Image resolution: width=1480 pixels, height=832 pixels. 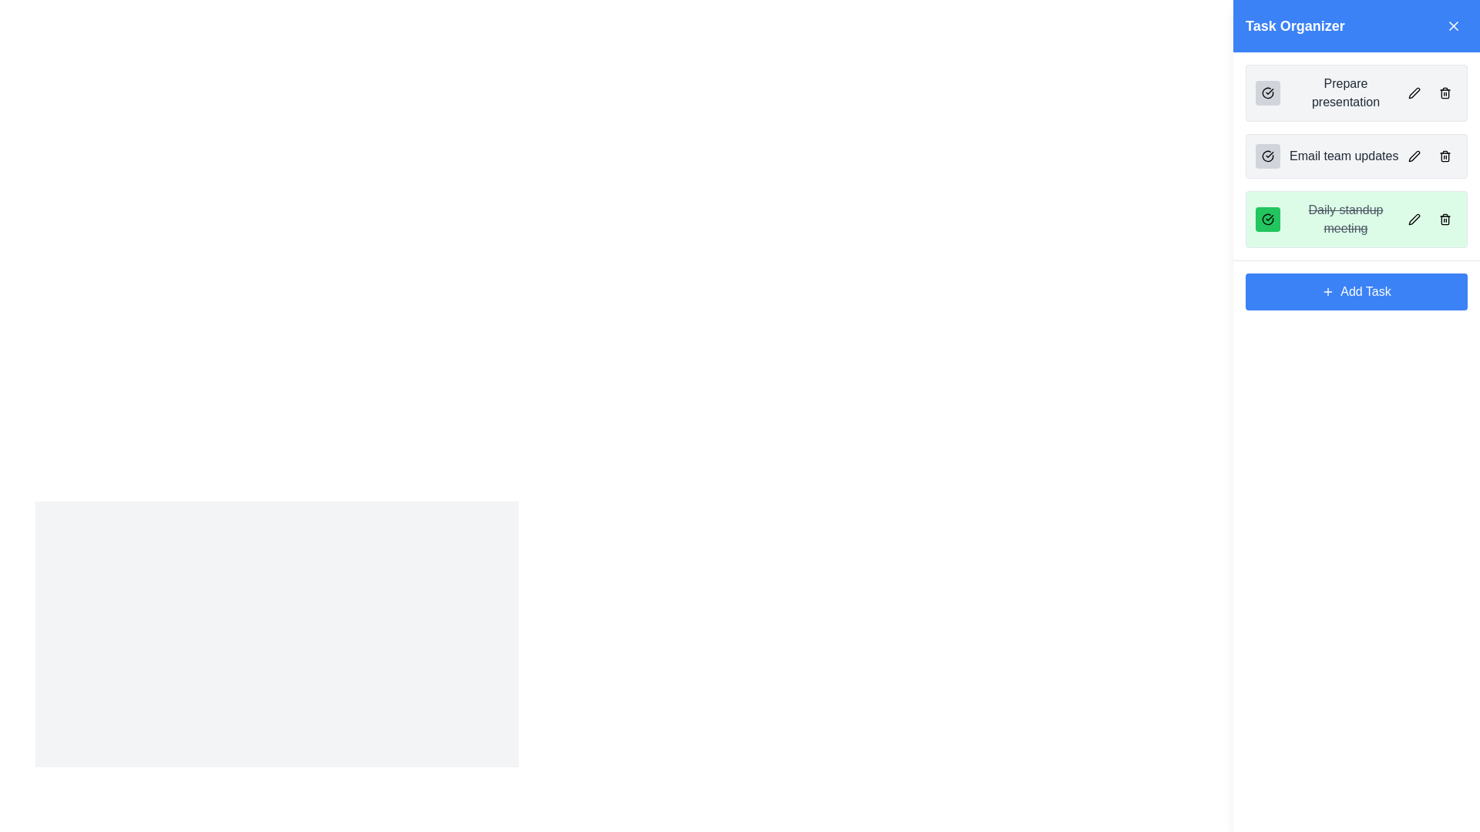 I want to click on the label representing the second task in the task management list, which is positioned between a checkbox-like icon and a pencil-shaped button, so click(x=1343, y=156).